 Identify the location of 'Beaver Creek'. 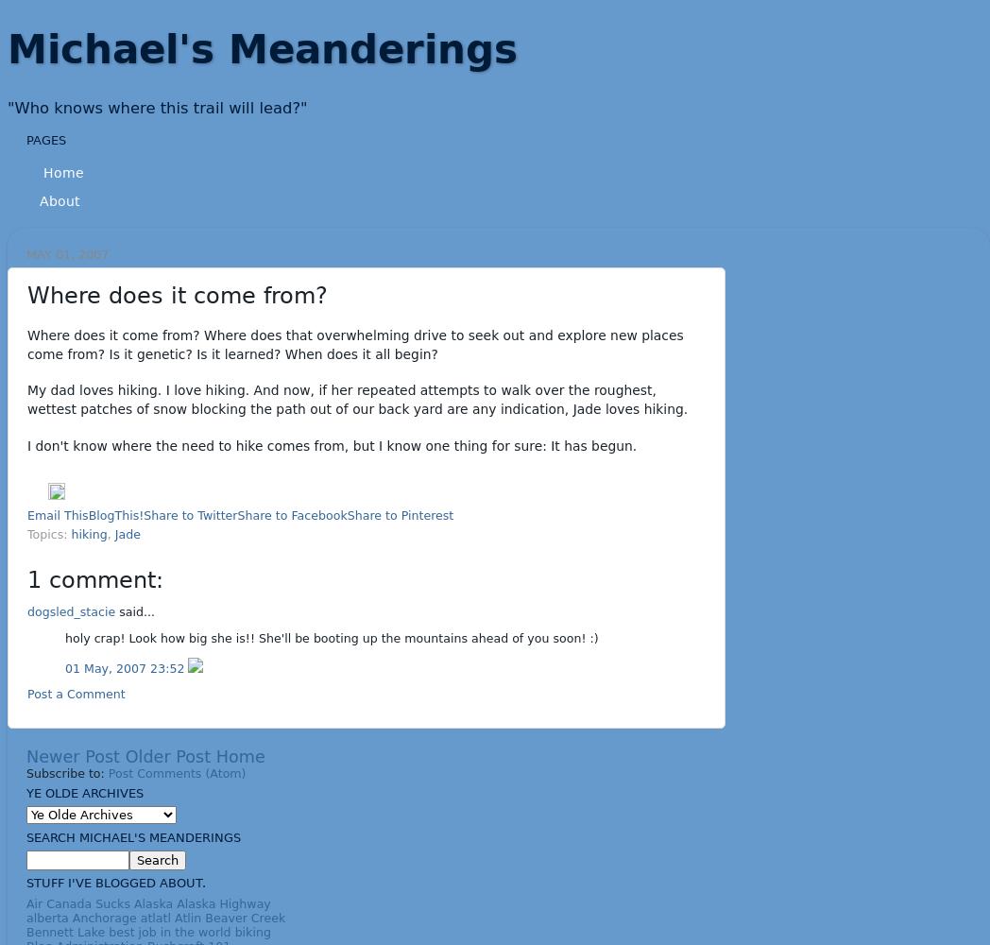
(245, 916).